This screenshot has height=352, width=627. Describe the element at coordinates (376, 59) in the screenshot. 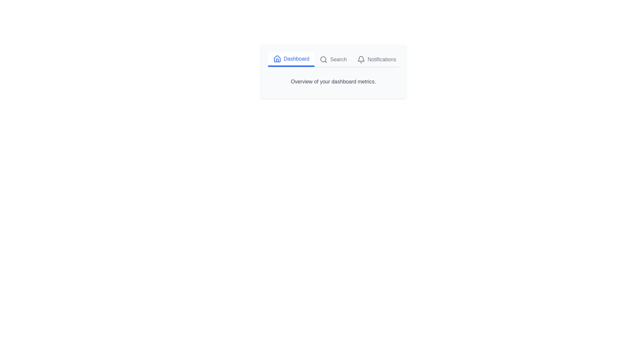

I see `the tab Notifications to observe the hover effect` at that location.